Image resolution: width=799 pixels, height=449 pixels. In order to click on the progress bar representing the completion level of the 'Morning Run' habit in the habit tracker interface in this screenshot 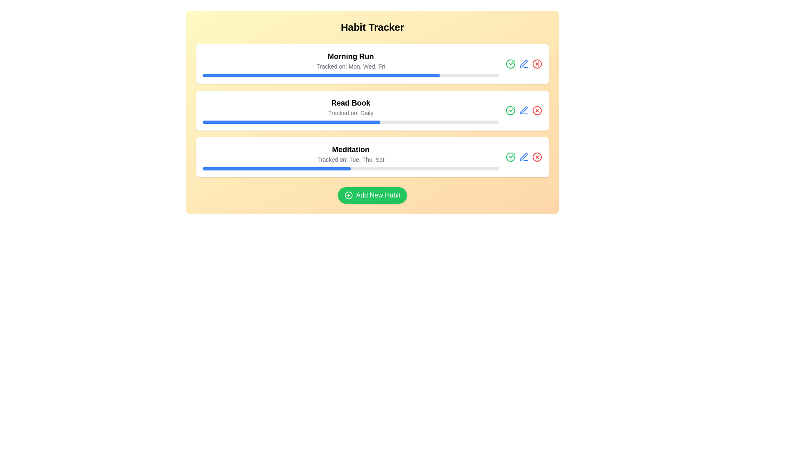, I will do `click(351, 75)`.